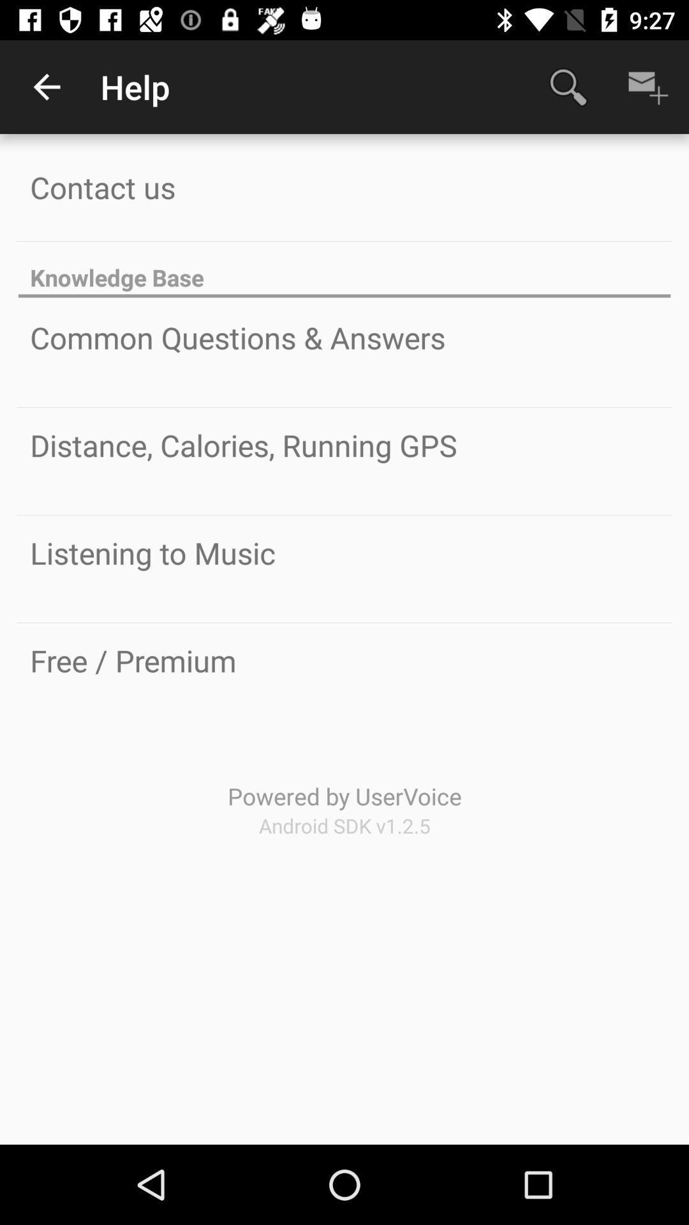 The width and height of the screenshot is (689, 1225). I want to click on the powered by uservoice item, so click(344, 796).